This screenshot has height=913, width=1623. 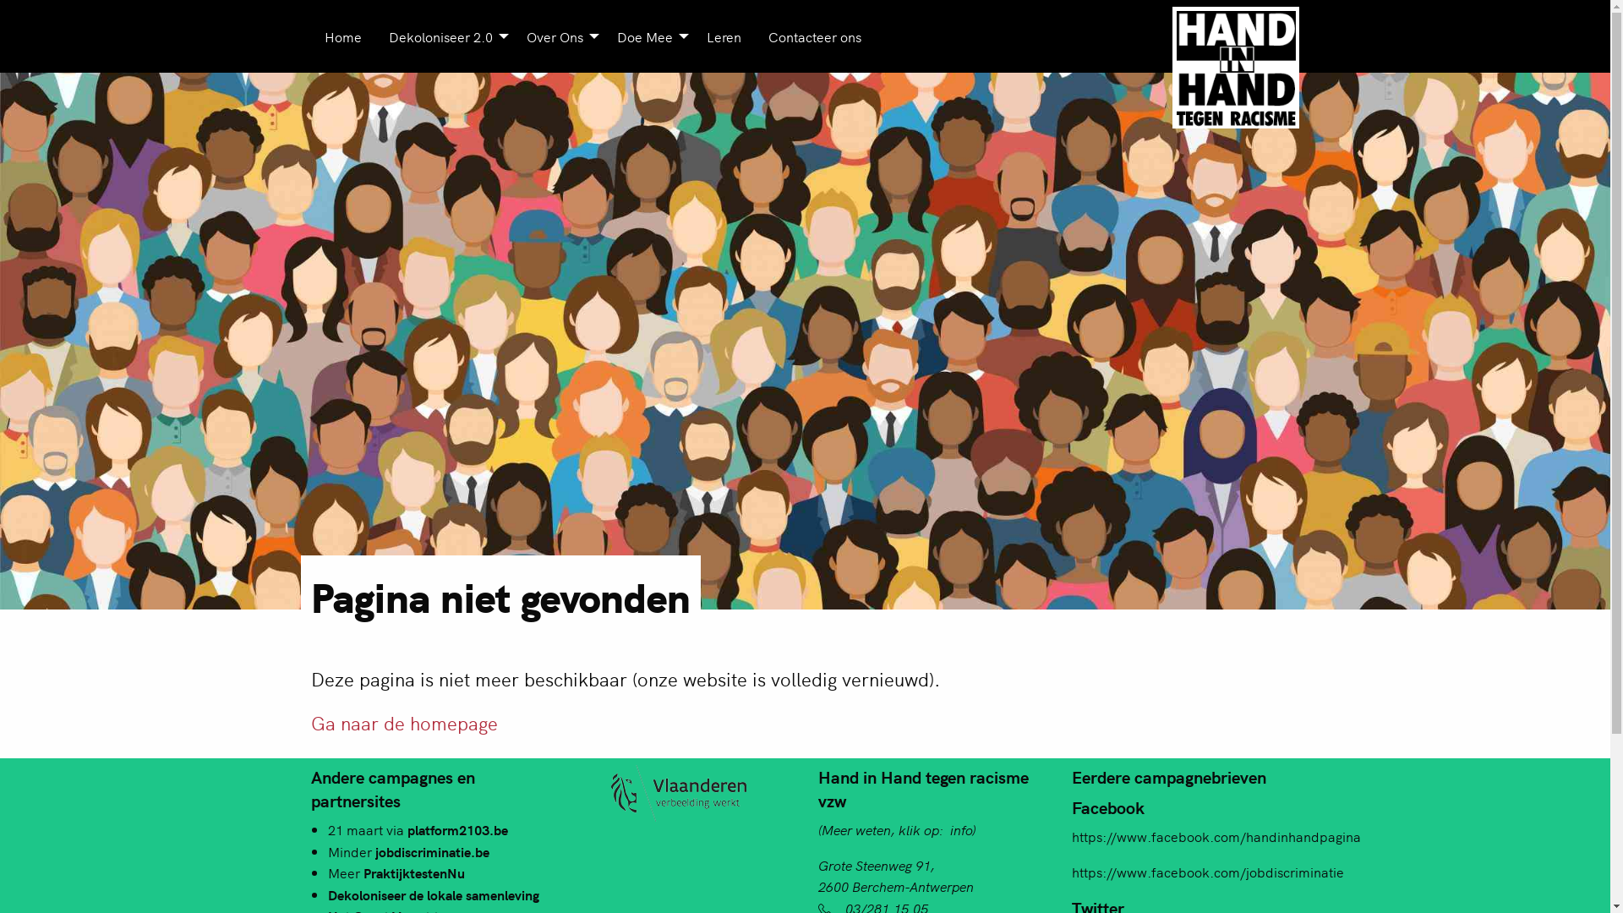 What do you see at coordinates (961, 828) in the screenshot?
I see `'info'` at bounding box center [961, 828].